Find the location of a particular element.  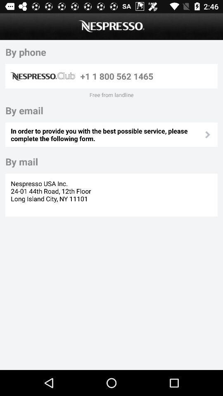

icon above free from landline item is located at coordinates (147, 76).